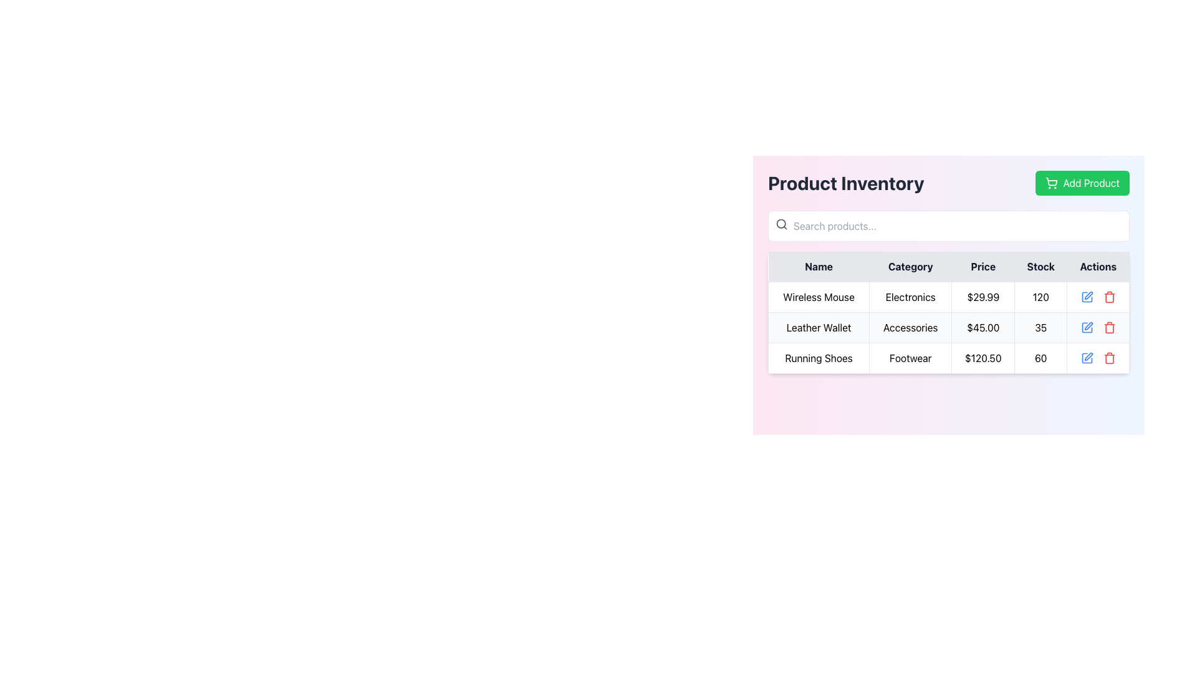 The image size is (1197, 673). I want to click on the table cell displaying the name of an item in the third row of the product inventory table, which is aligned with 'Footwear' in the Category column, '$120.50' in the Price column, and '60' in the Stock column, so click(819, 358).